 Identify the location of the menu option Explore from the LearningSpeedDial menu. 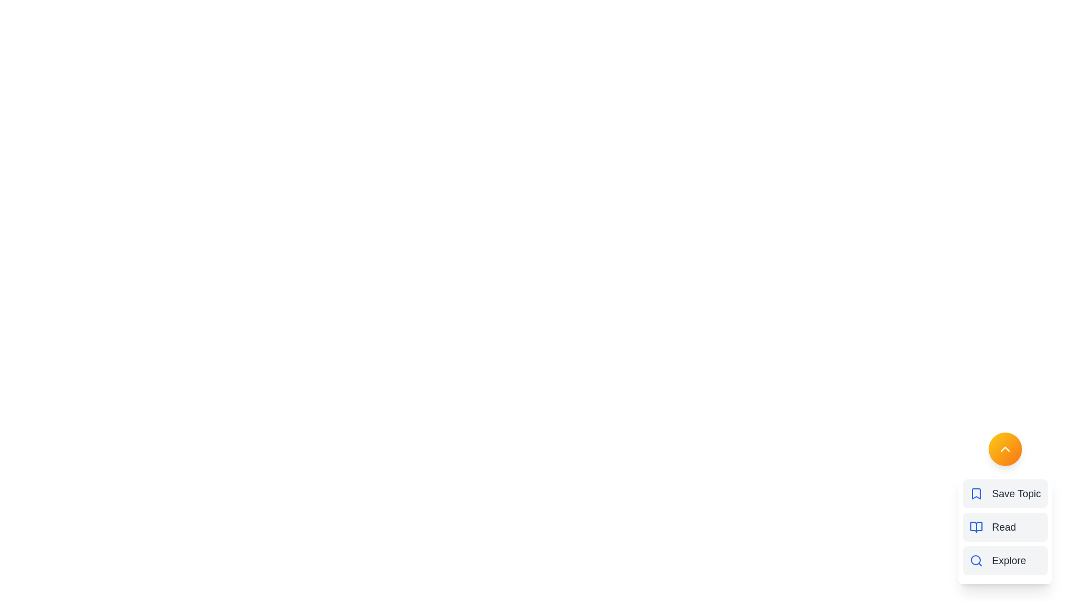
(1005, 561).